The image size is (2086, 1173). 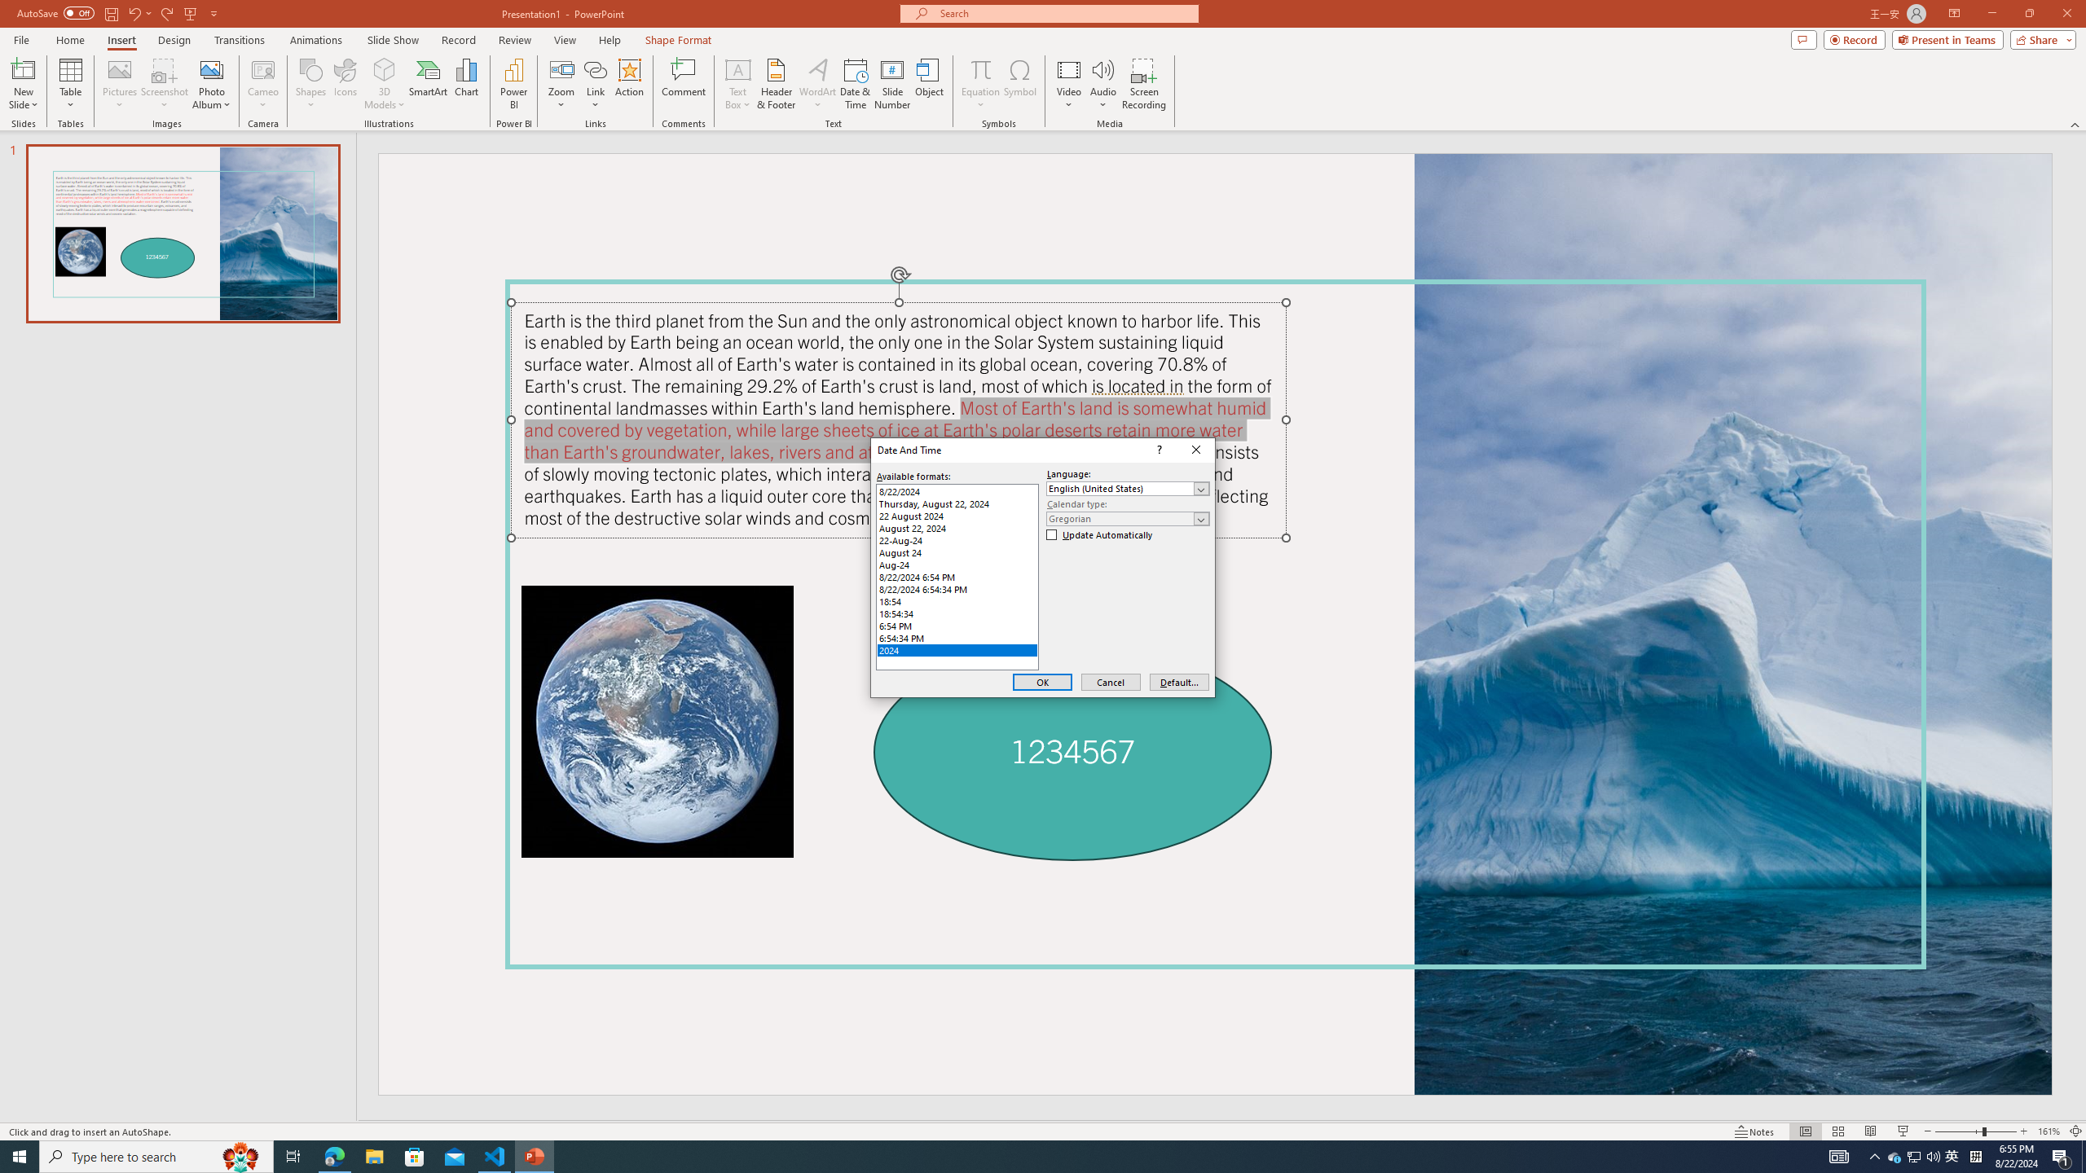 What do you see at coordinates (164, 84) in the screenshot?
I see `'Screenshot'` at bounding box center [164, 84].